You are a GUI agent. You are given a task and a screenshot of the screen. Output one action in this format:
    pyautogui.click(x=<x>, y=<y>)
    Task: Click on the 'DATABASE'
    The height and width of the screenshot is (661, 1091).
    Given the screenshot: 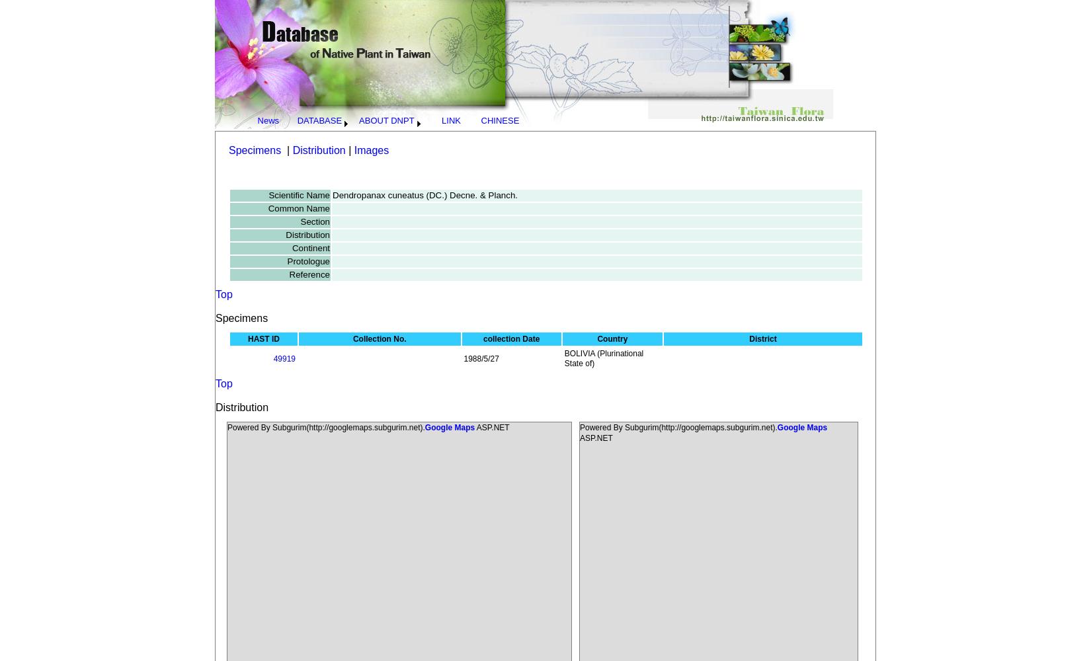 What is the action you would take?
    pyautogui.click(x=318, y=120)
    